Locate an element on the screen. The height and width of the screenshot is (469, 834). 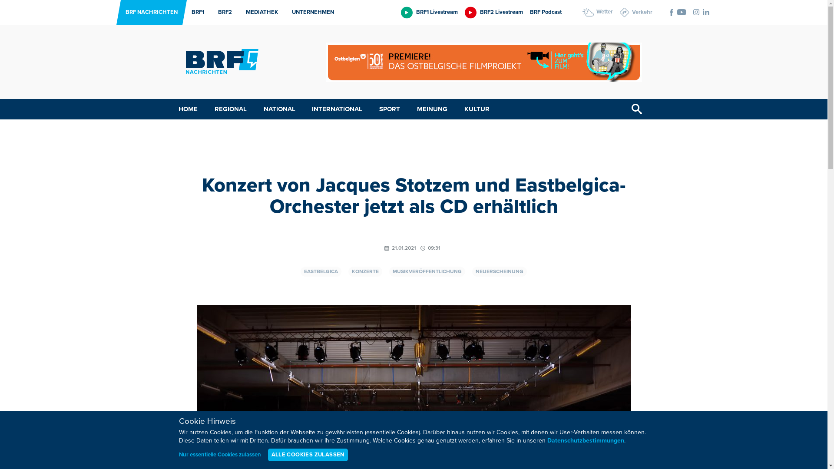
'Nur essentielle Cookies zulassen' is located at coordinates (220, 455).